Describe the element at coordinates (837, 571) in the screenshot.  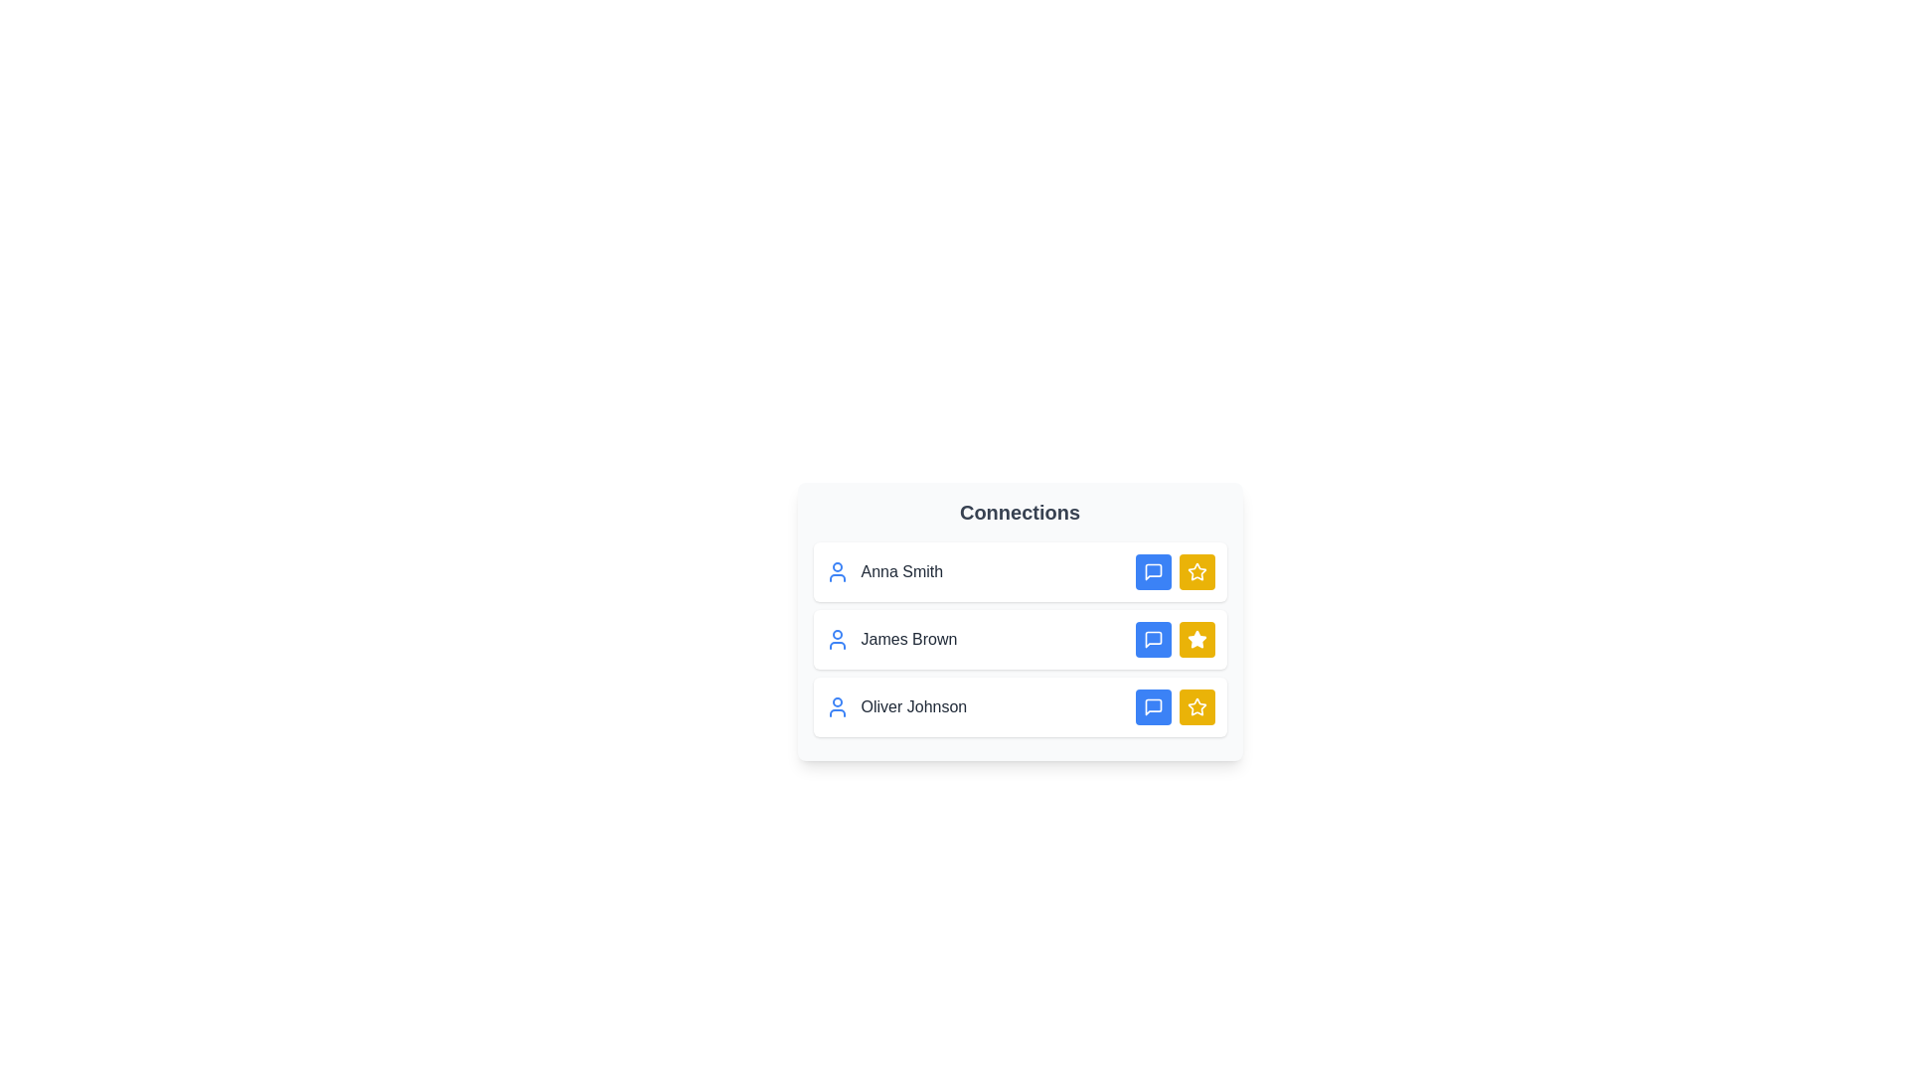
I see `the user icon for Anna Smith` at that location.